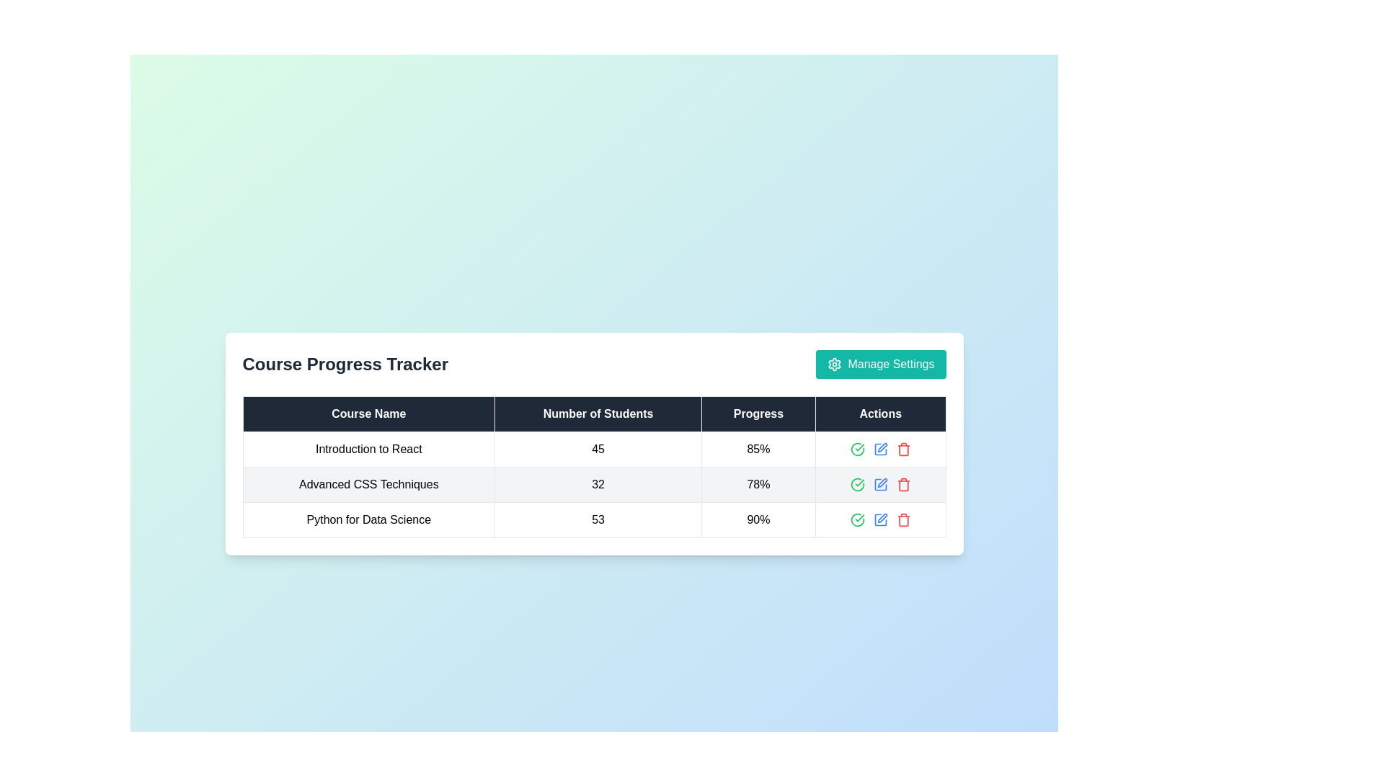 This screenshot has width=1384, height=778. Describe the element at coordinates (758, 448) in the screenshot. I see `the static text element displaying '85%' within the 'Progress' column of the 'Course Progress Tracker' table, which indicates the progress percentage for the course 'Introduction to React'` at that location.